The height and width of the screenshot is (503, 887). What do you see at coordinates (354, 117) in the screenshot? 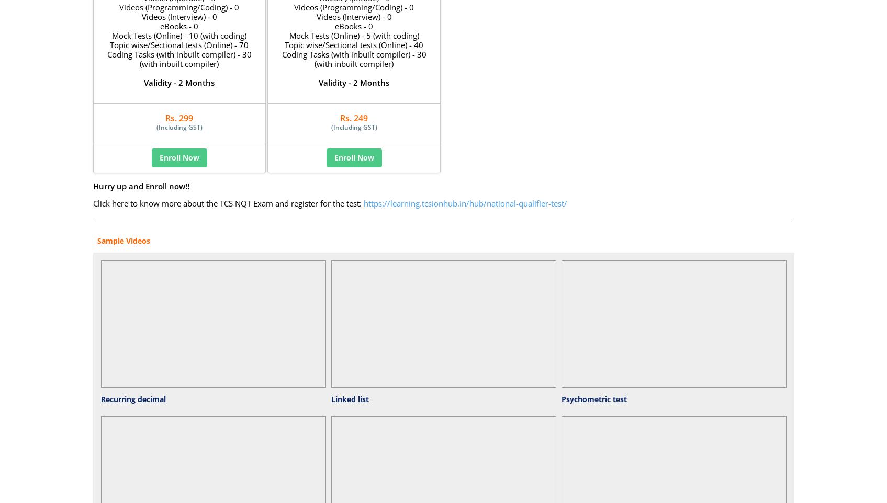
I see `'Rs. 249'` at bounding box center [354, 117].